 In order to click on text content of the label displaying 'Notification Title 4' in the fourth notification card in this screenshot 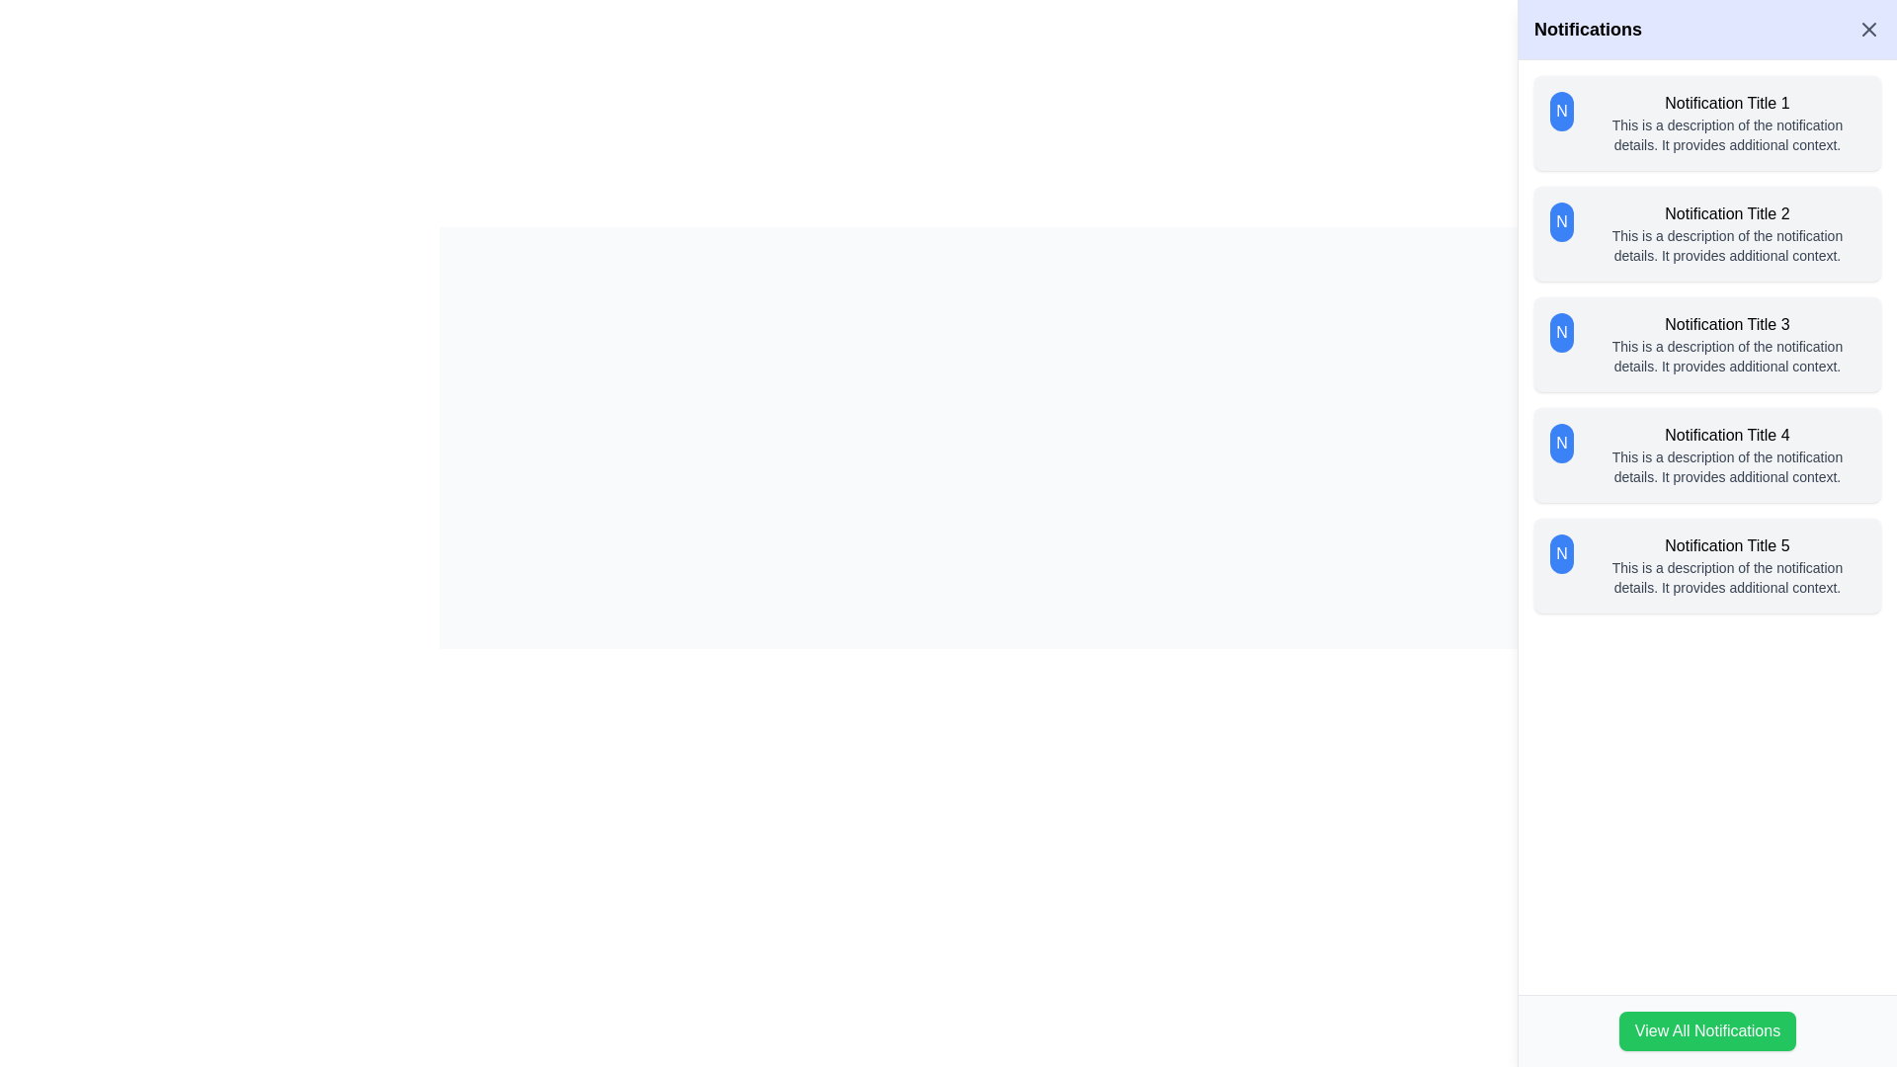, I will do `click(1726, 434)`.